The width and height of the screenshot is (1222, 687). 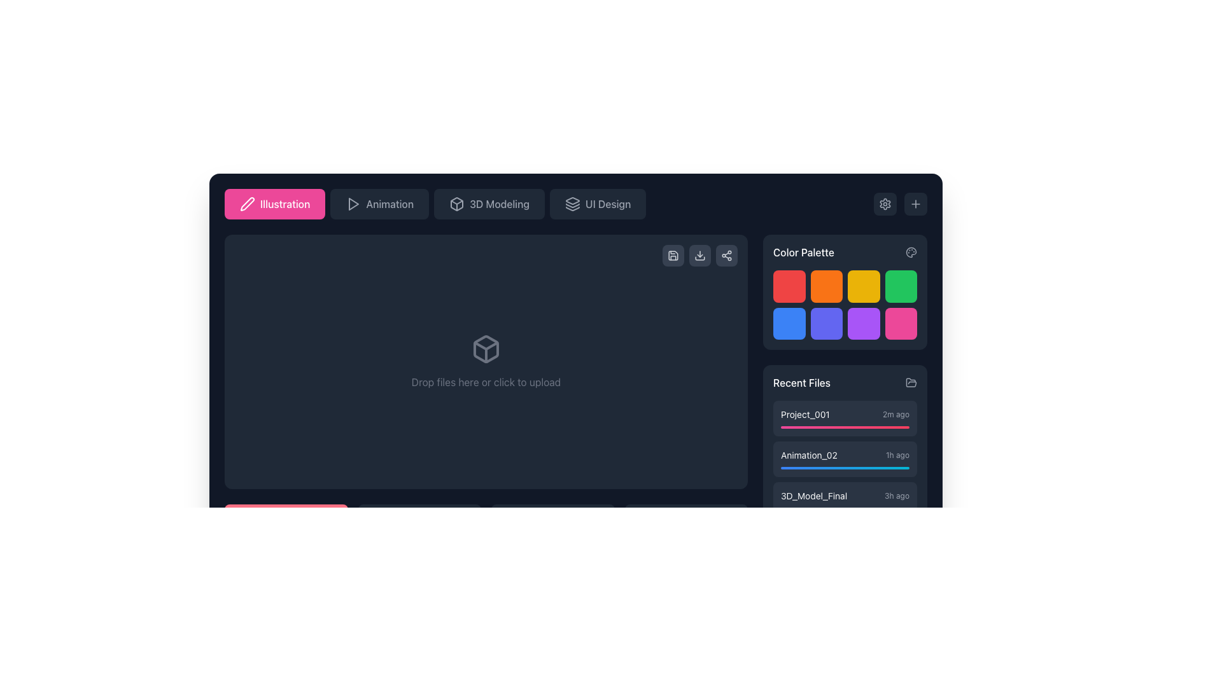 What do you see at coordinates (845, 508) in the screenshot?
I see `the progress bar located directly below the '3D_Model_Final' text in the 'Recent Files' section of the right sidebar` at bounding box center [845, 508].